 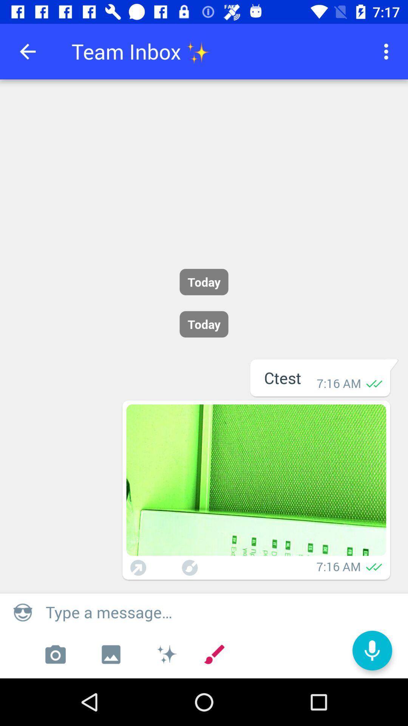 I want to click on camera application, so click(x=55, y=654).